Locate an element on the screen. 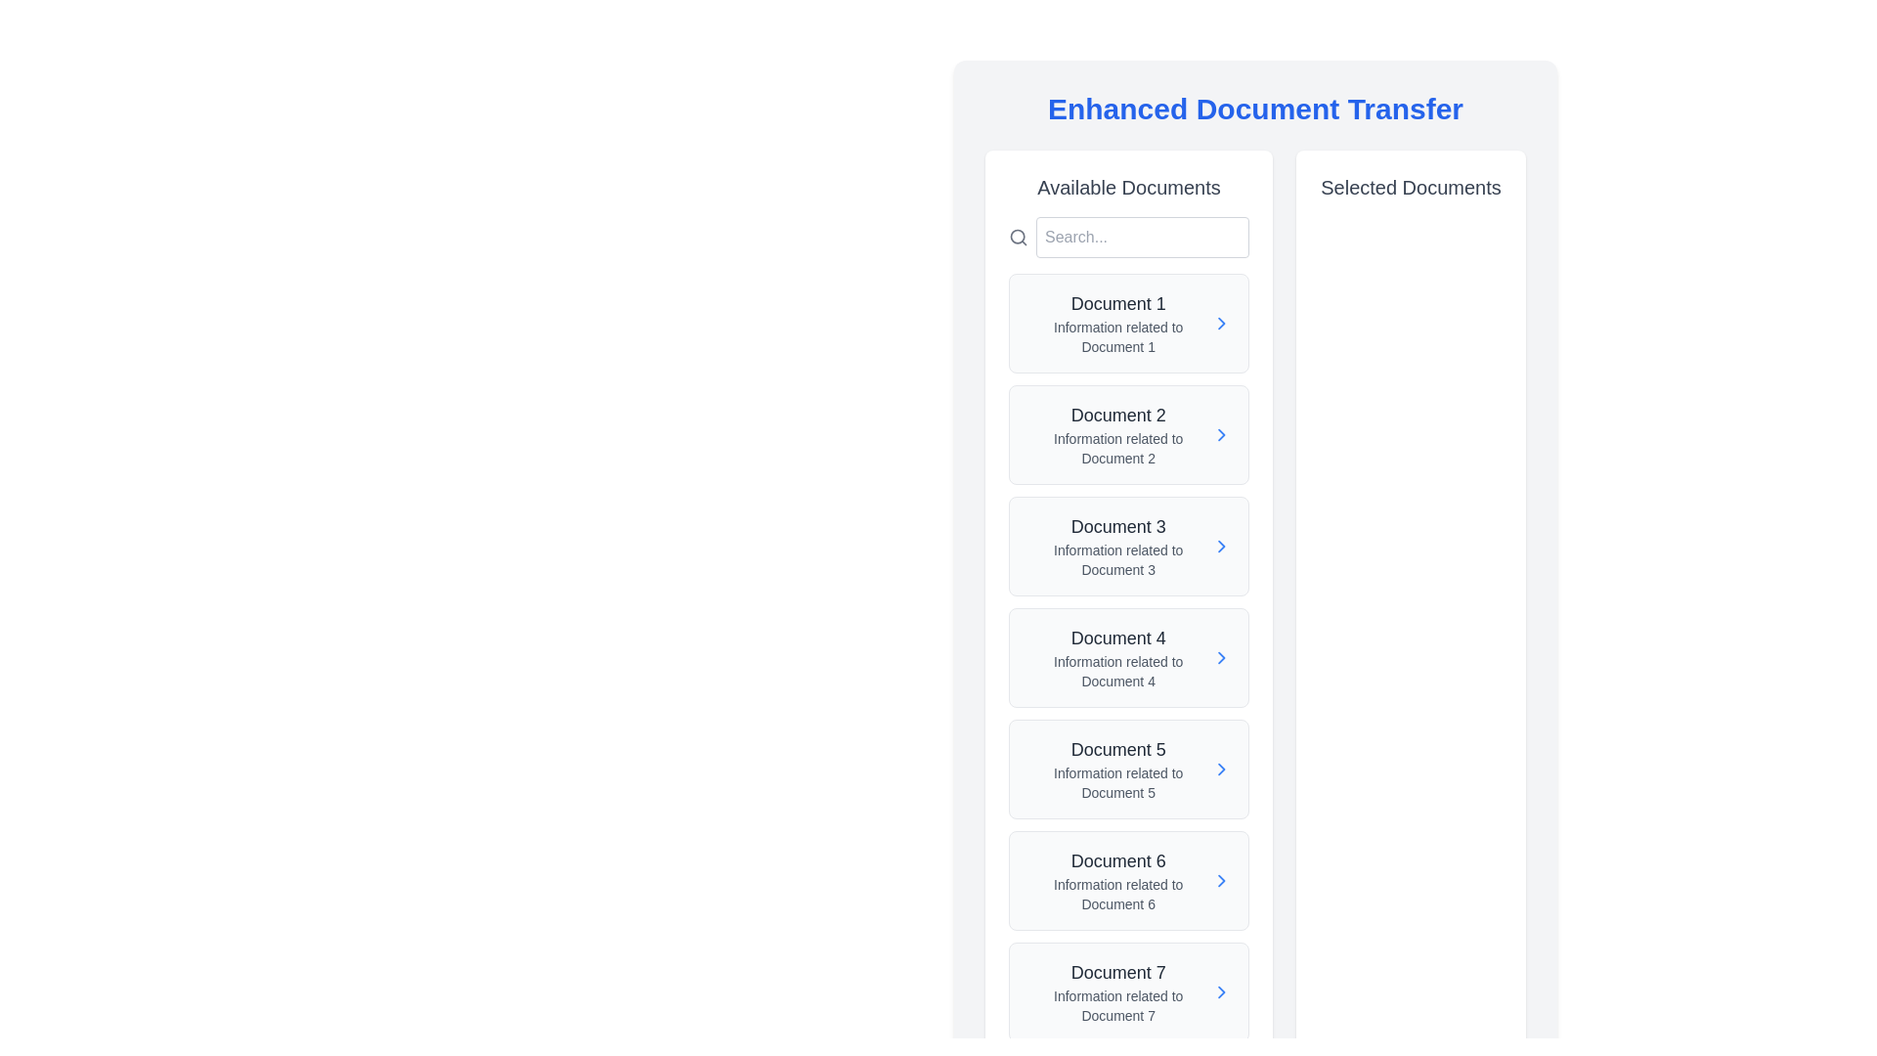  the text-based list item element titled 'Document 5' is located at coordinates (1118, 768).